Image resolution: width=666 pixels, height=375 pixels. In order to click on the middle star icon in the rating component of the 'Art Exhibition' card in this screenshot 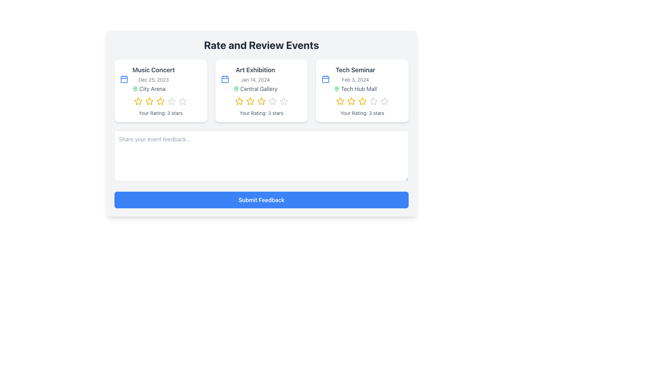, I will do `click(261, 101)`.